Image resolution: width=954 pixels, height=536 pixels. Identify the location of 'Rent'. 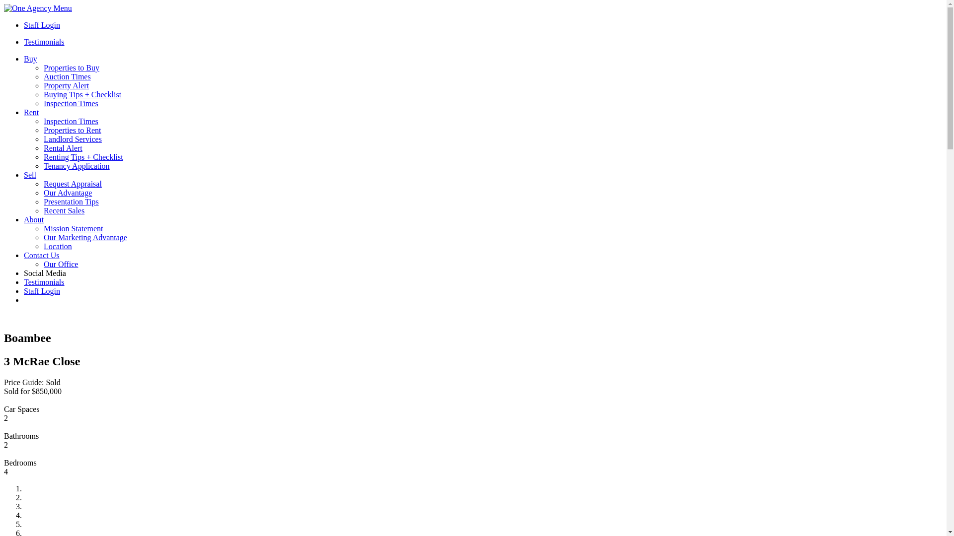
(31, 112).